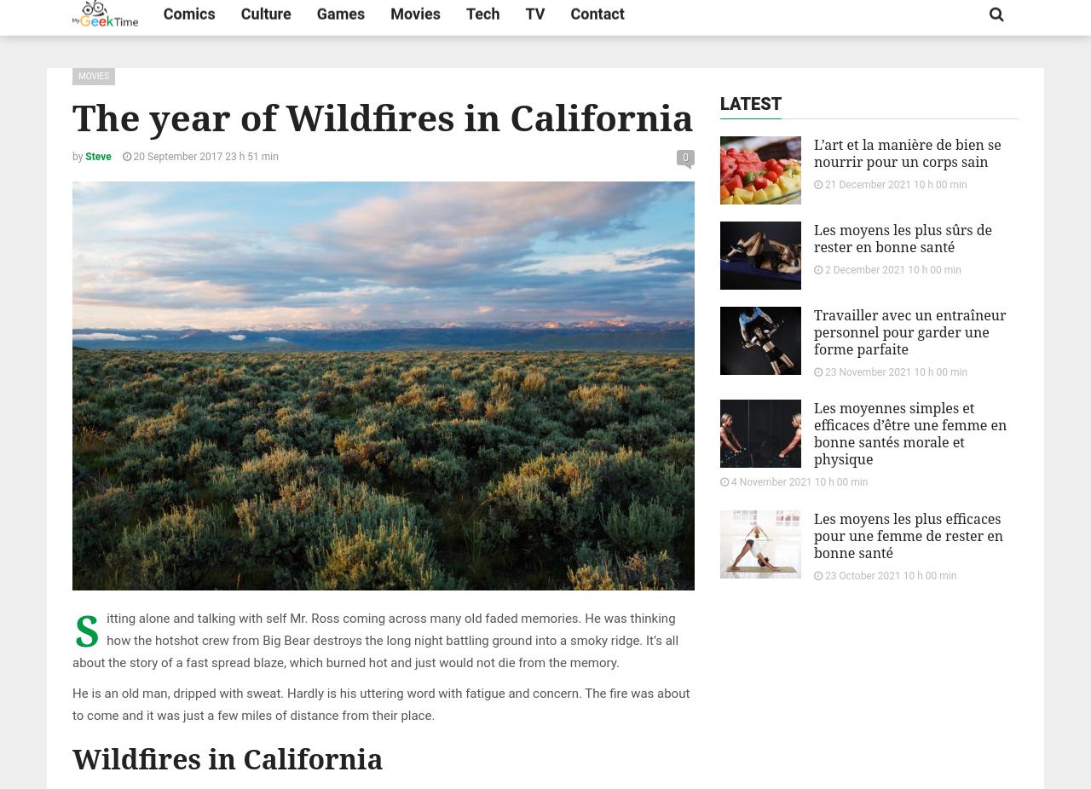  I want to click on '2 December 2021 10 h 00 min', so click(822, 269).